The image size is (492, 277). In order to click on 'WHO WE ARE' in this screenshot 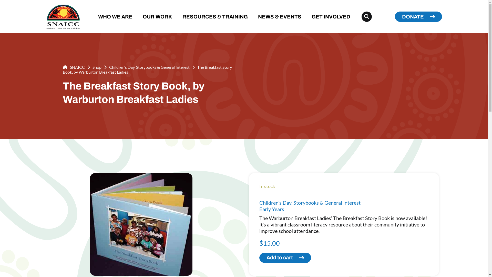, I will do `click(115, 16)`.